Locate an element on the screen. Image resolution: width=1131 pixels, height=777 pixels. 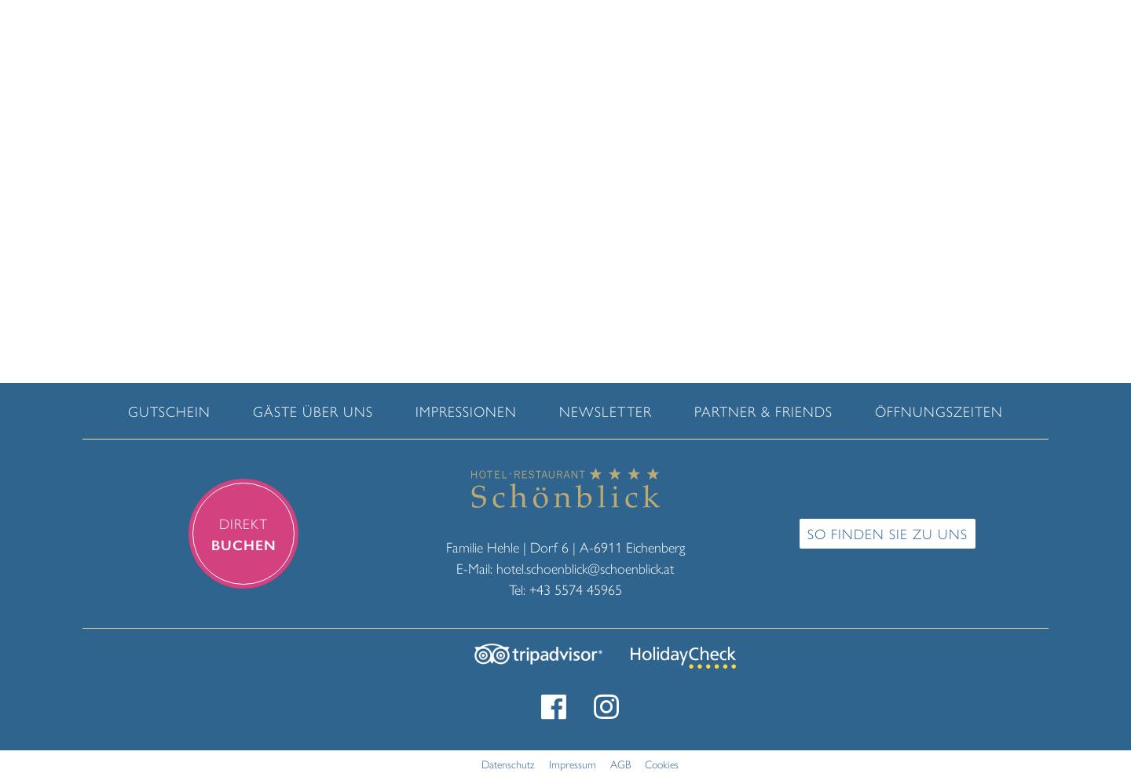
'Impressionen' is located at coordinates (415, 410).